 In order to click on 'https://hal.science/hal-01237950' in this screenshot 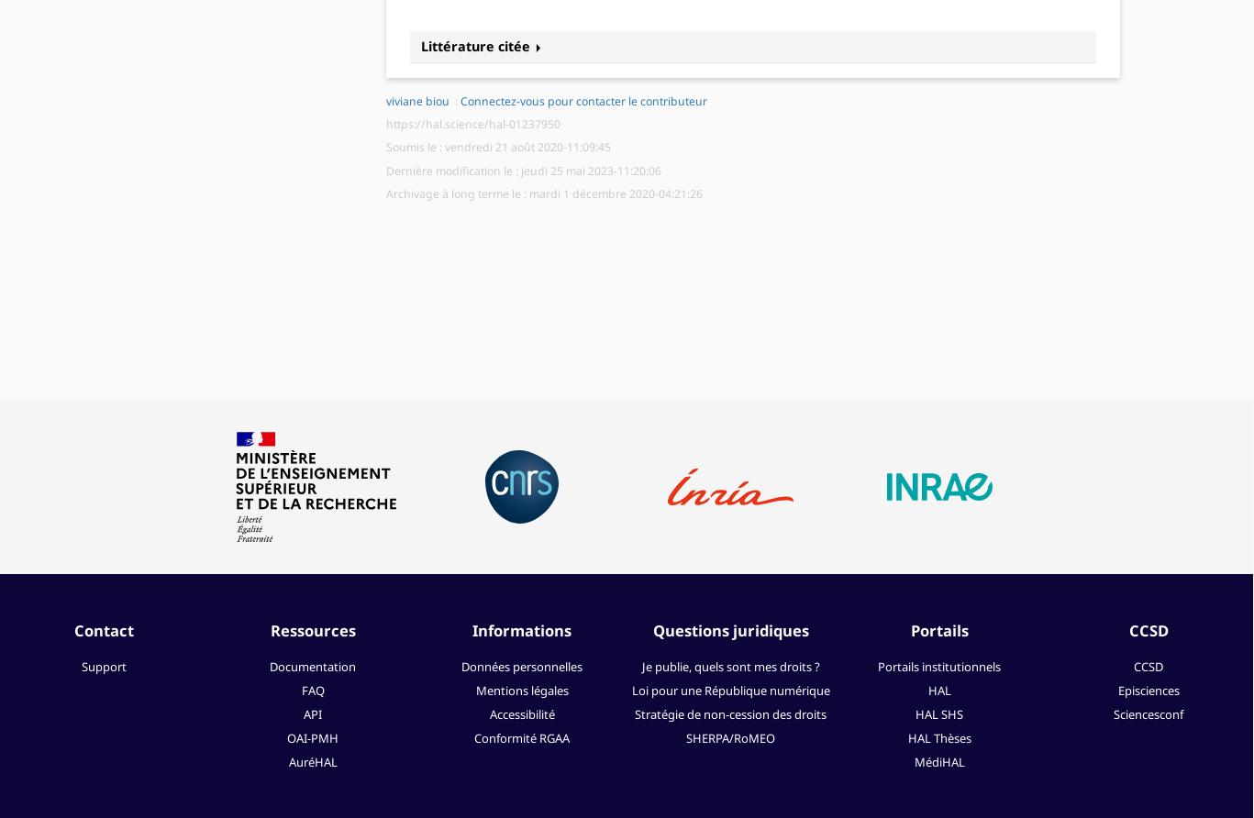, I will do `click(472, 123)`.